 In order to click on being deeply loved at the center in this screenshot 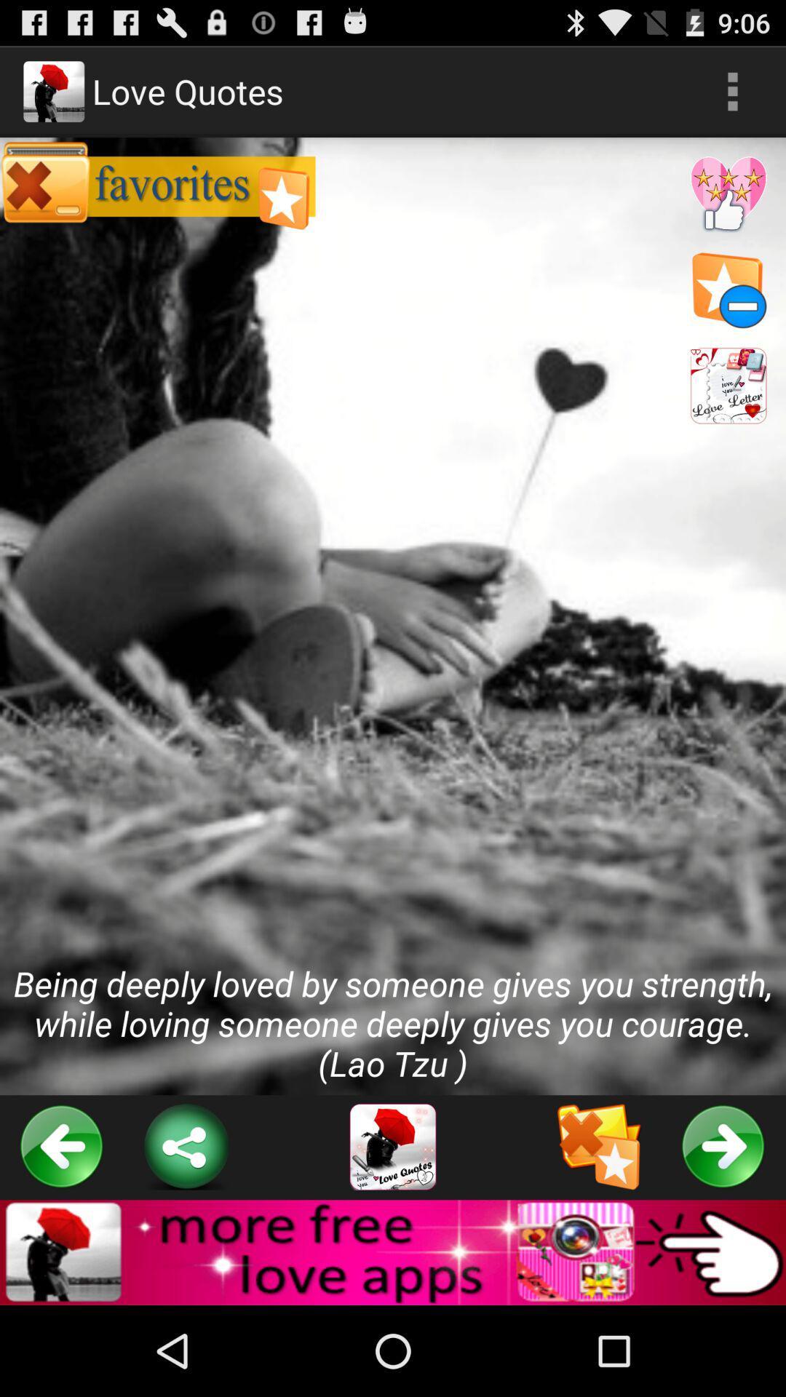, I will do `click(393, 616)`.